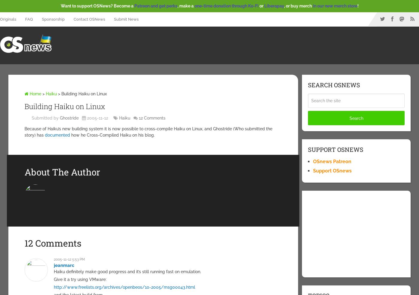 This screenshot has width=419, height=295. Describe the element at coordinates (274, 6) in the screenshot. I see `'Liberapay'` at that location.